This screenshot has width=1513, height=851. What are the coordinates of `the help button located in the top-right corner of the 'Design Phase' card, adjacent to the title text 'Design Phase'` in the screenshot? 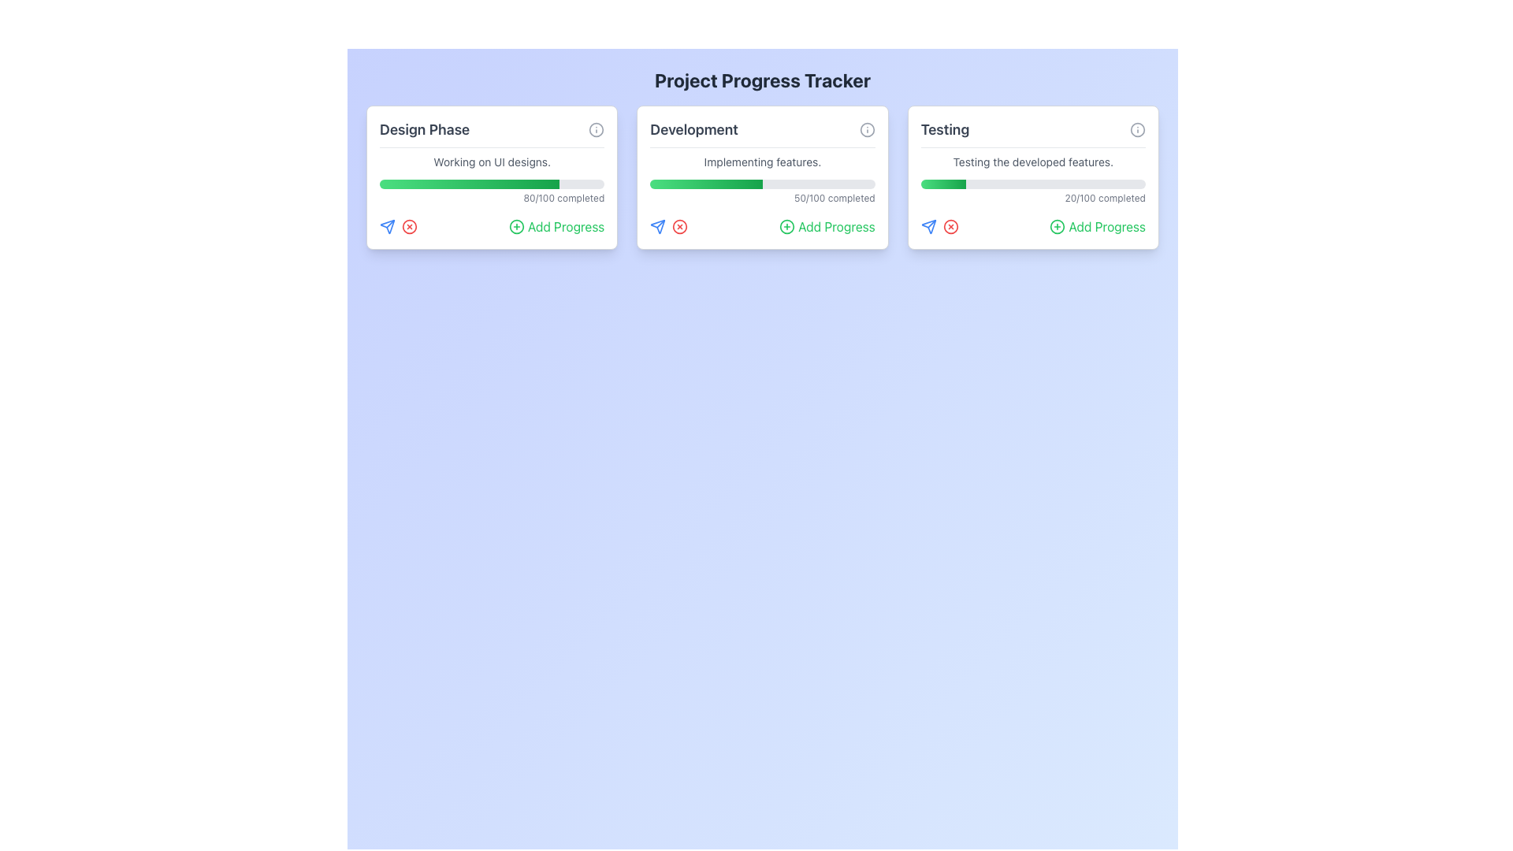 It's located at (596, 129).